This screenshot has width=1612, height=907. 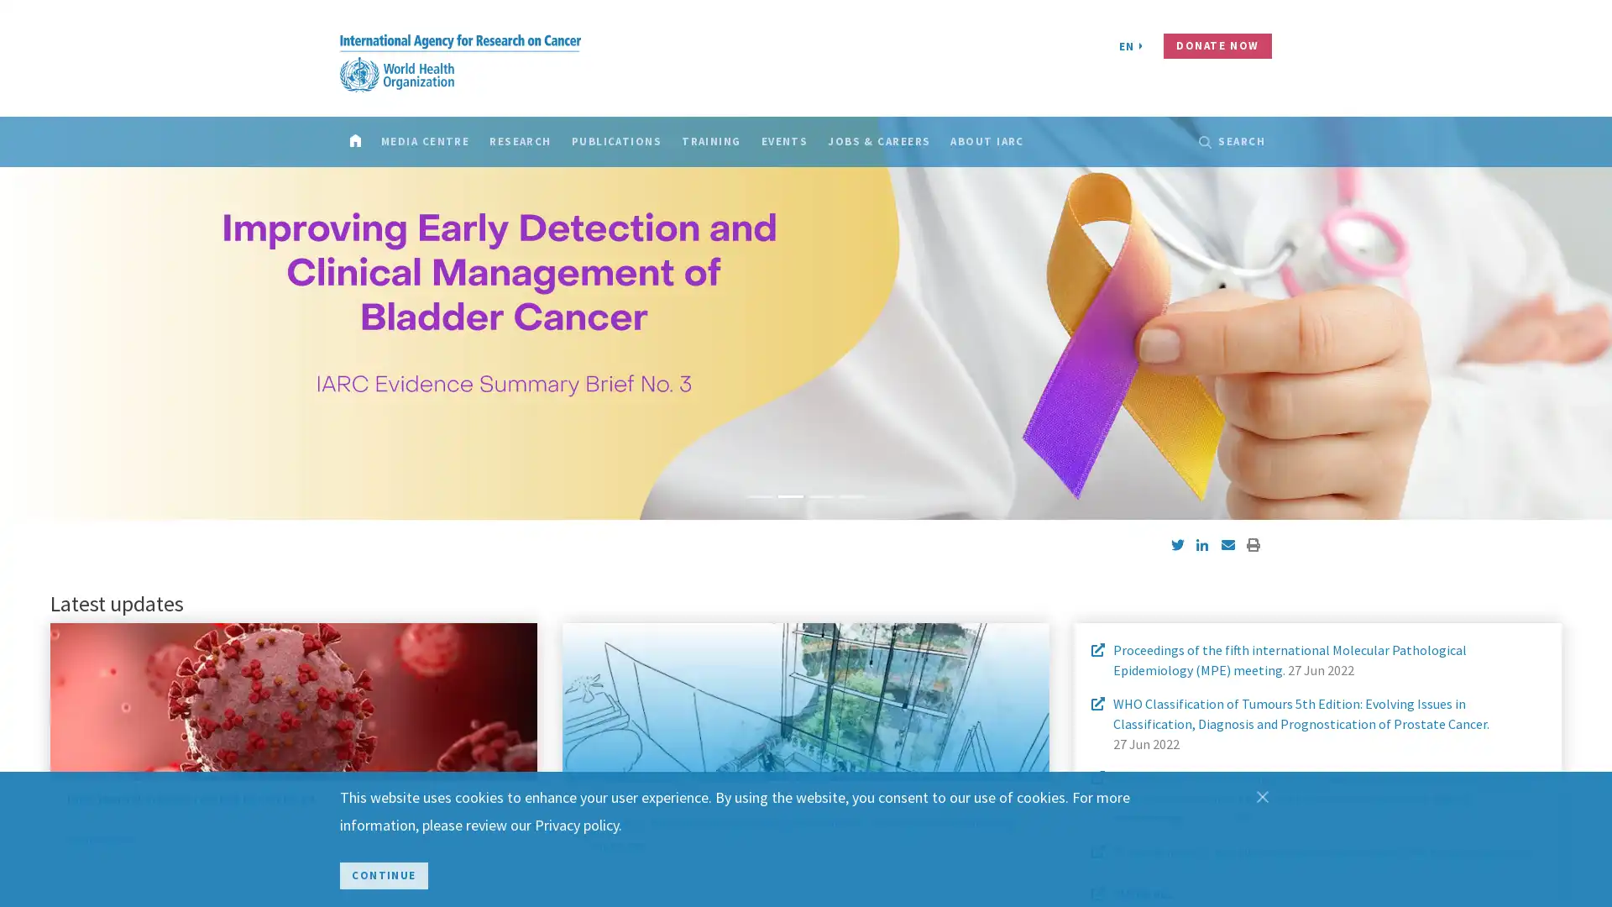 I want to click on Goto Slide 4, so click(x=850, y=495).